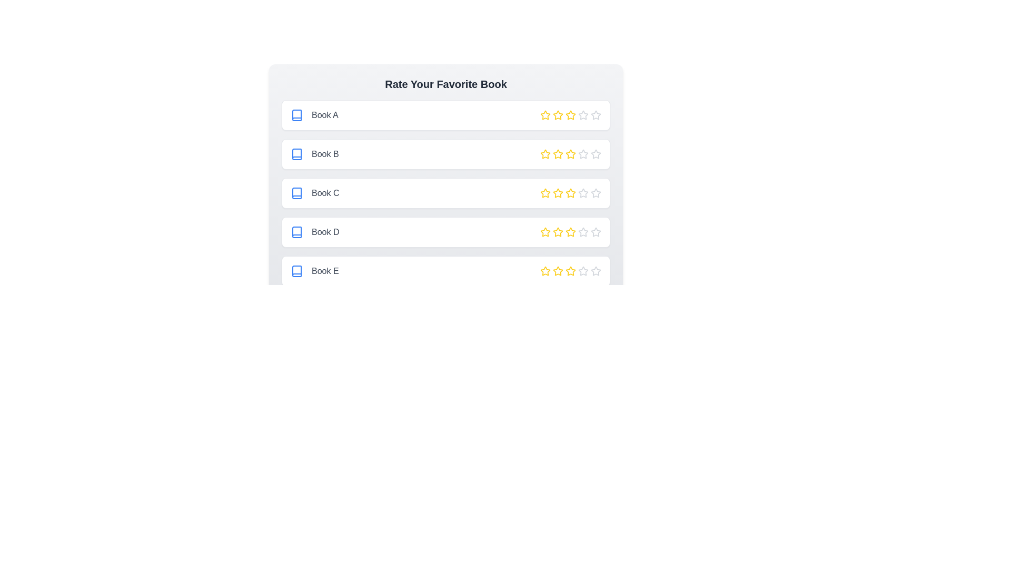  I want to click on the book name Book E to focus or interact with the text, so click(314, 271).